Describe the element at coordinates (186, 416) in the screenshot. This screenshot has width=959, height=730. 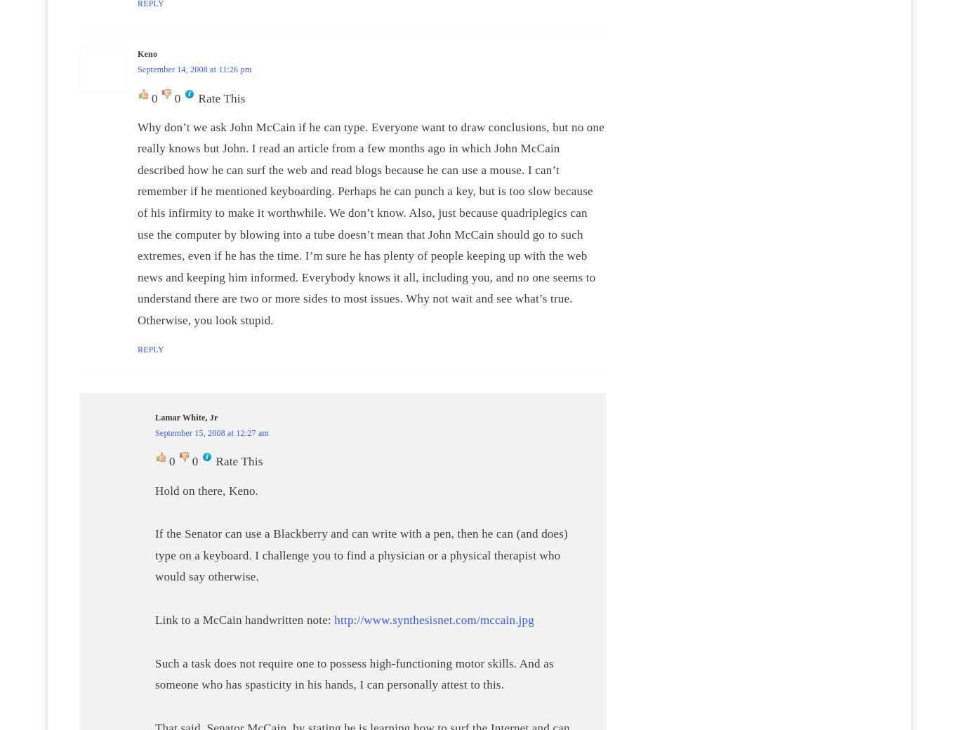
I see `'Lamar White, Jr'` at that location.